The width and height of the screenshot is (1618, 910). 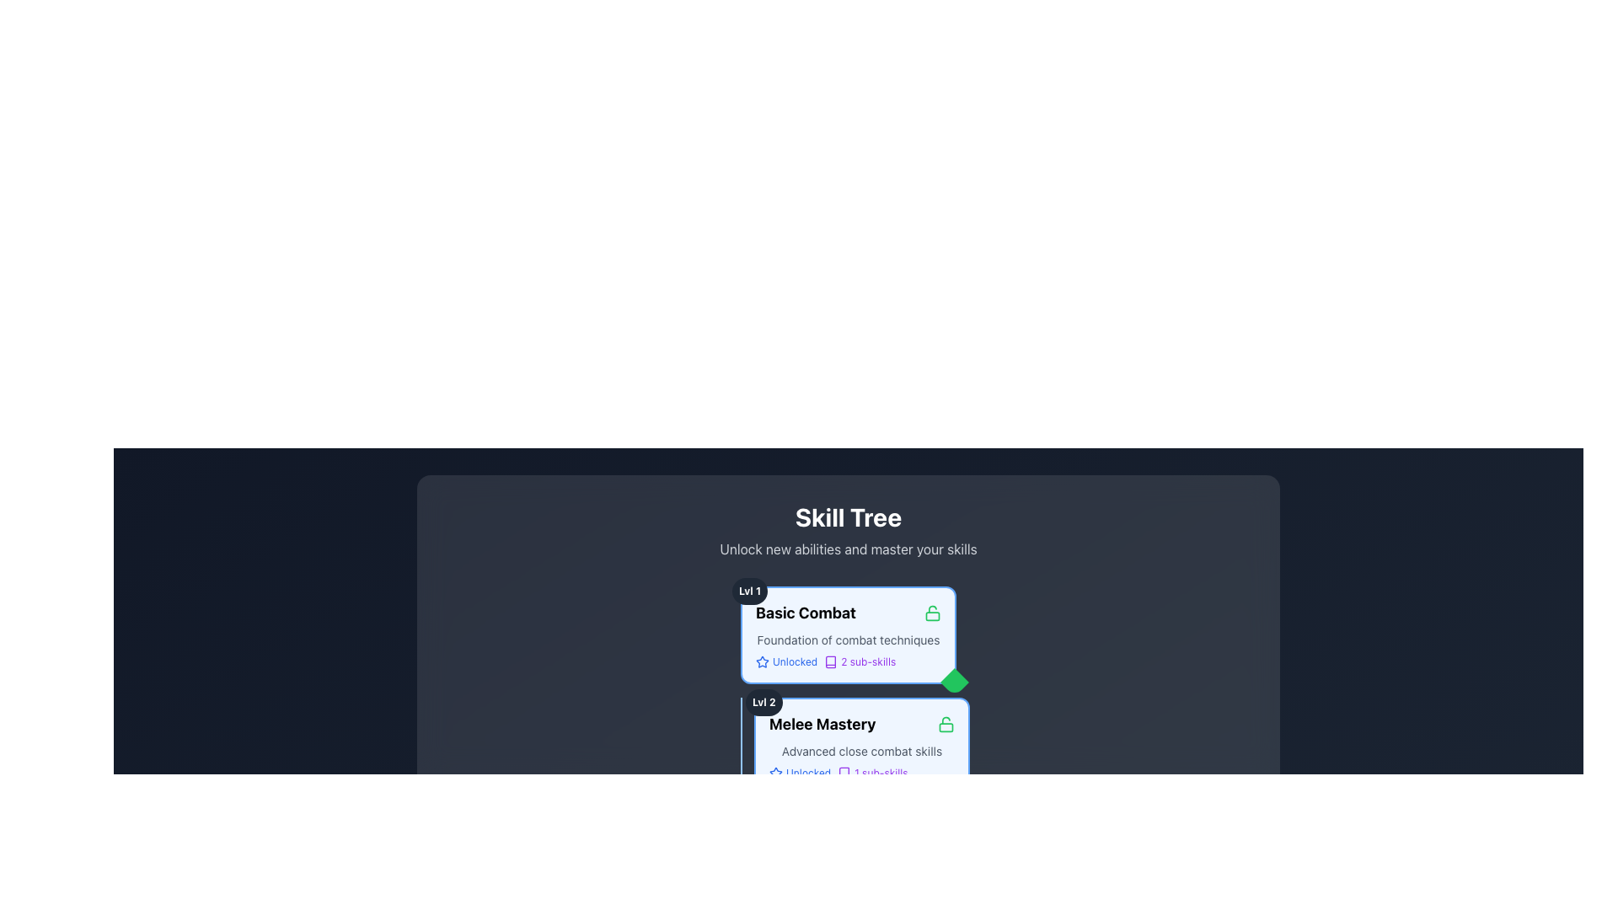 I want to click on the icon located to the left of the text 'Unlocked', so click(x=762, y=661).